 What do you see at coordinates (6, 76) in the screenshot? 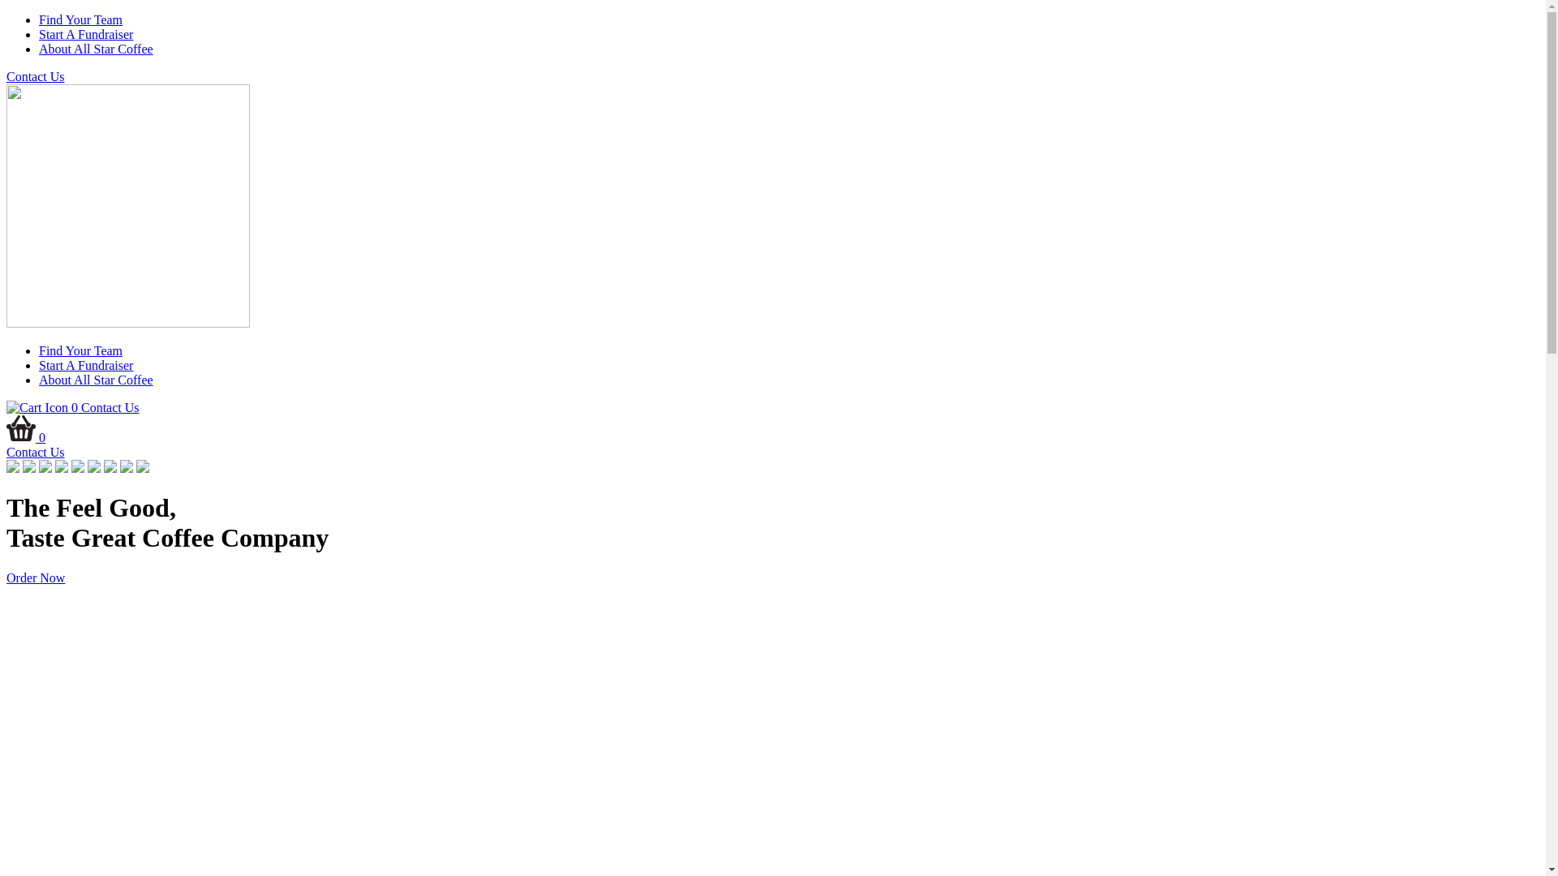
I see `'Contact Us'` at bounding box center [6, 76].